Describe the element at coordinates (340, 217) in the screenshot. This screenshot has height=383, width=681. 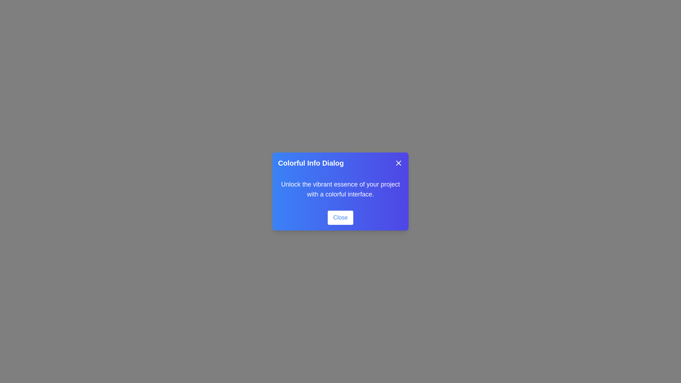
I see `the 'Close' button in the footer of the dialog` at that location.